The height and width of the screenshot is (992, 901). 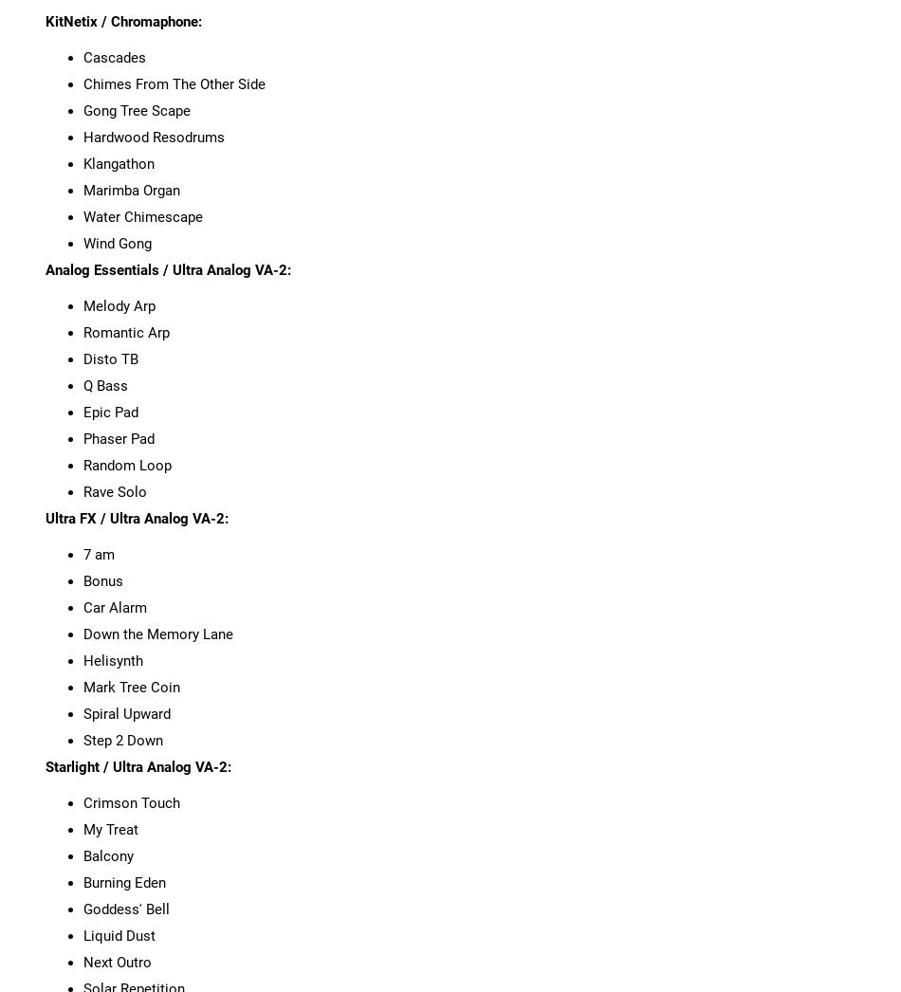 I want to click on 'Analog Essentials / Ultra Analog VA-2:', so click(x=167, y=268).